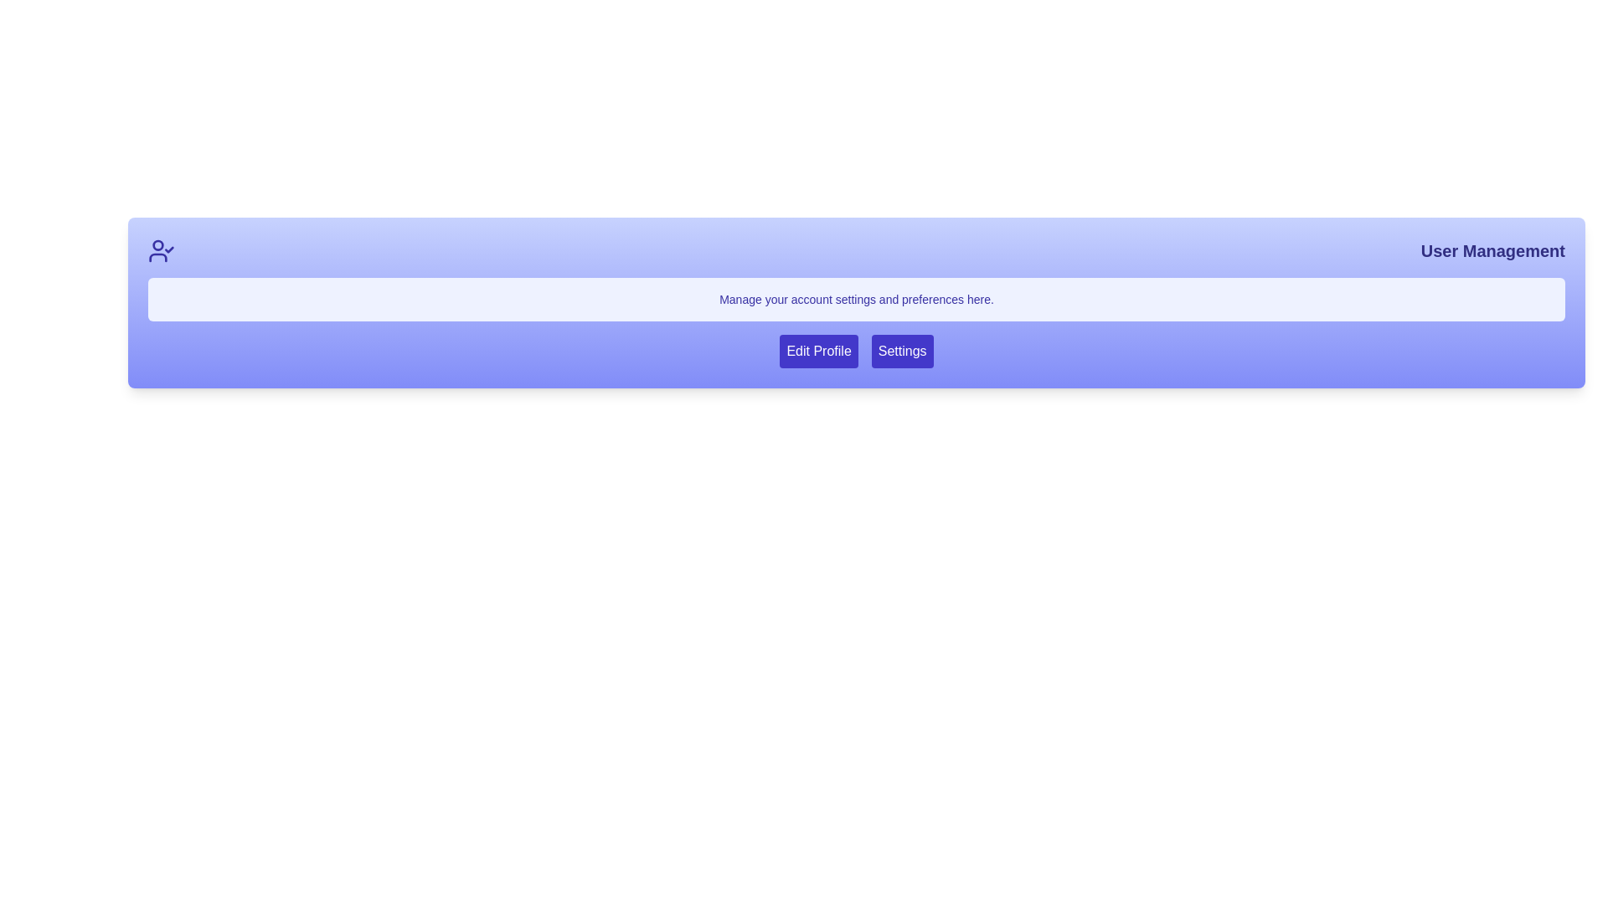 Image resolution: width=1608 pixels, height=904 pixels. Describe the element at coordinates (157, 245) in the screenshot. I see `attributes of the small blue filled circle located near the top-left side of the user profile icon with a checkmark` at that location.